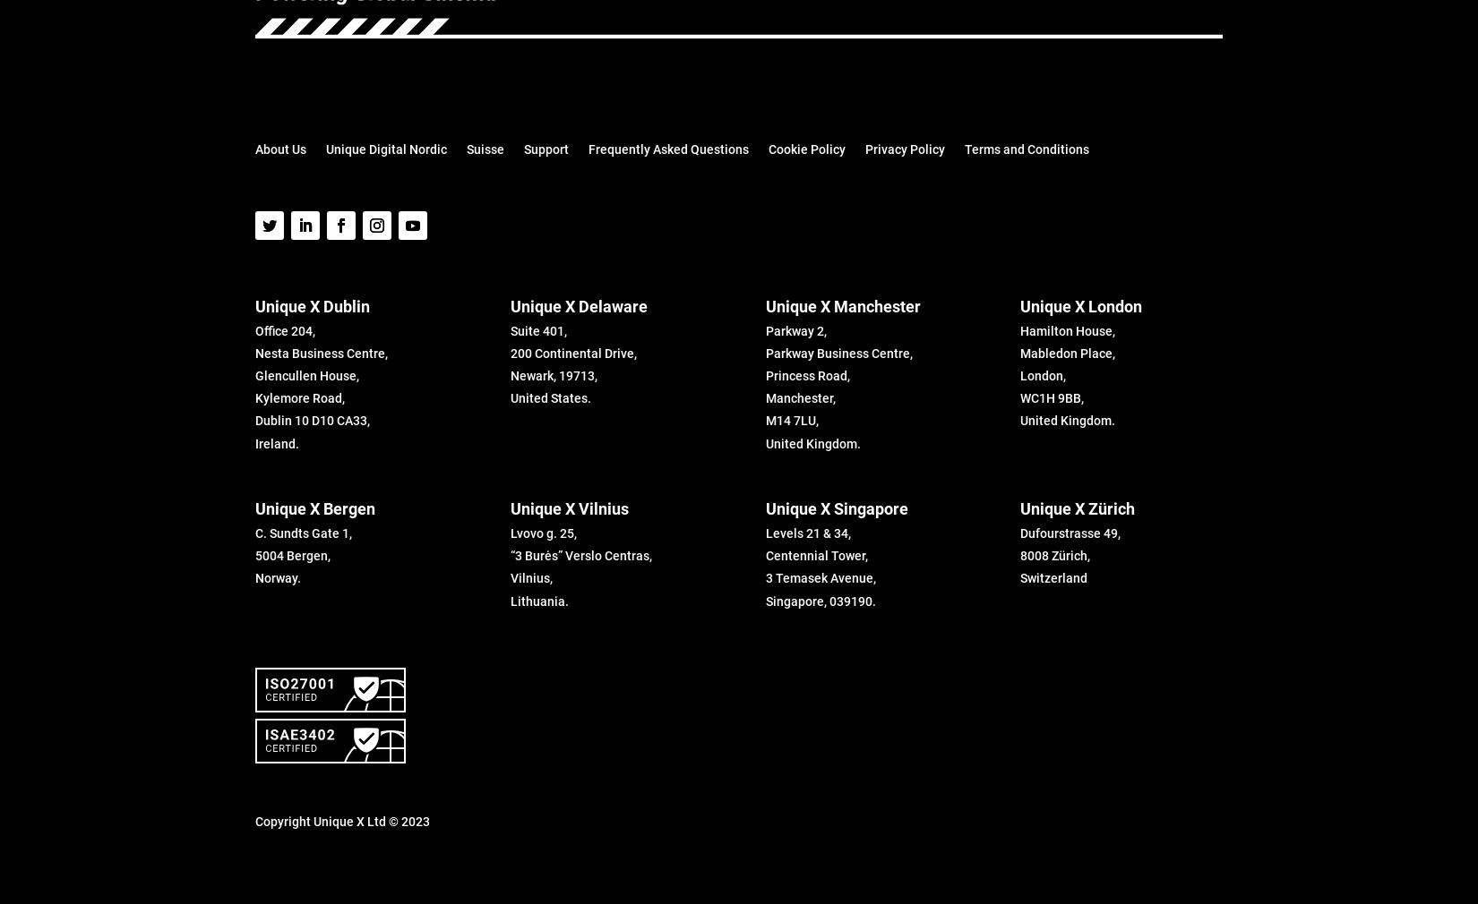 The width and height of the screenshot is (1478, 904). I want to click on 'WC1H 9BB,', so click(1052, 398).